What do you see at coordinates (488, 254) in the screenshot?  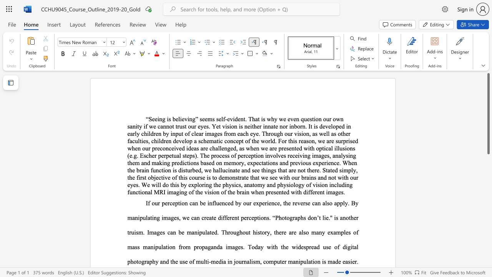 I see `the scrollbar on the right to shift the page lower` at bounding box center [488, 254].